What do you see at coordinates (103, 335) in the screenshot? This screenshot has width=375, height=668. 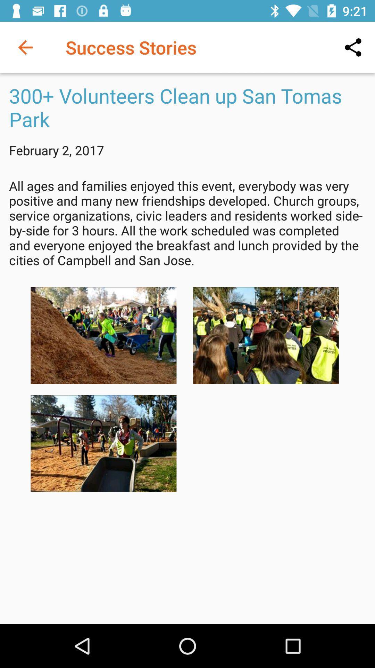 I see `icon below all ages and icon` at bounding box center [103, 335].